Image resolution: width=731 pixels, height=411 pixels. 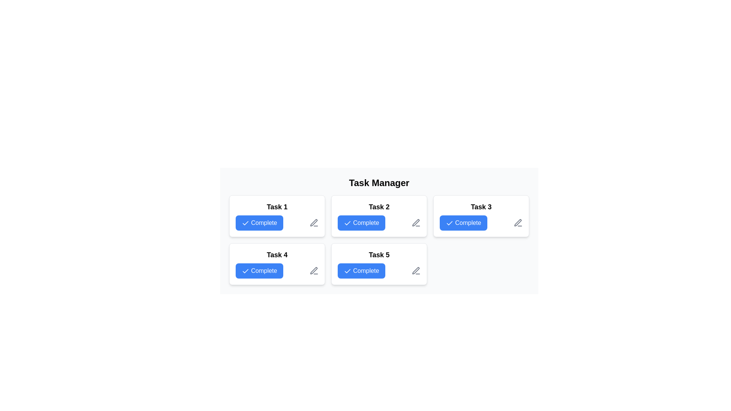 What do you see at coordinates (379, 255) in the screenshot?
I see `the Text label that serves as the title for the task card within the 'Task 5 Complete' card located in the bottom row, middle column of the task grid` at bounding box center [379, 255].